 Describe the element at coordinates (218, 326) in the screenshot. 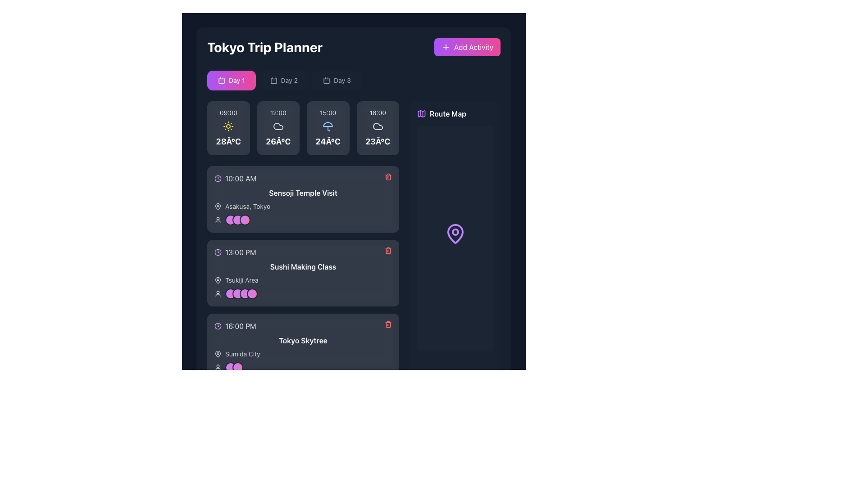

I see `the time icon located to the left of the '16:00 PM' text in the schedule layout to understand the time indication` at that location.